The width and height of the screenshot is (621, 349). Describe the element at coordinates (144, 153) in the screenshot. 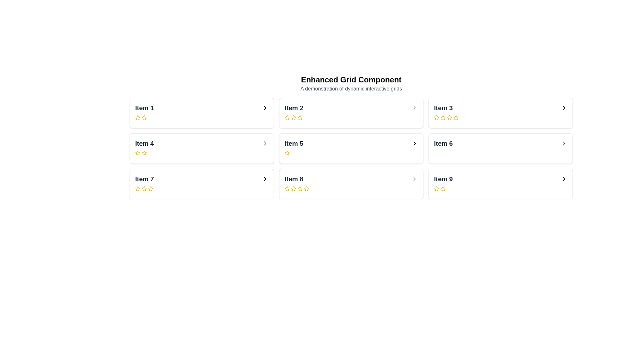

I see `the yellow star icon in the third position of the rating row for 'Item 4'` at that location.